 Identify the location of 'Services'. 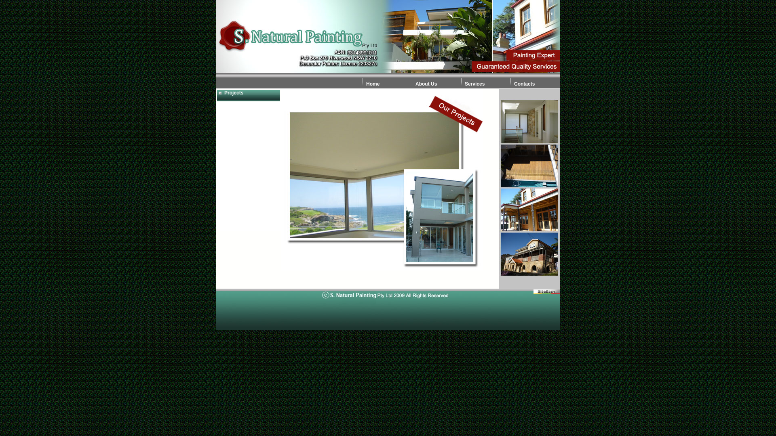
(474, 84).